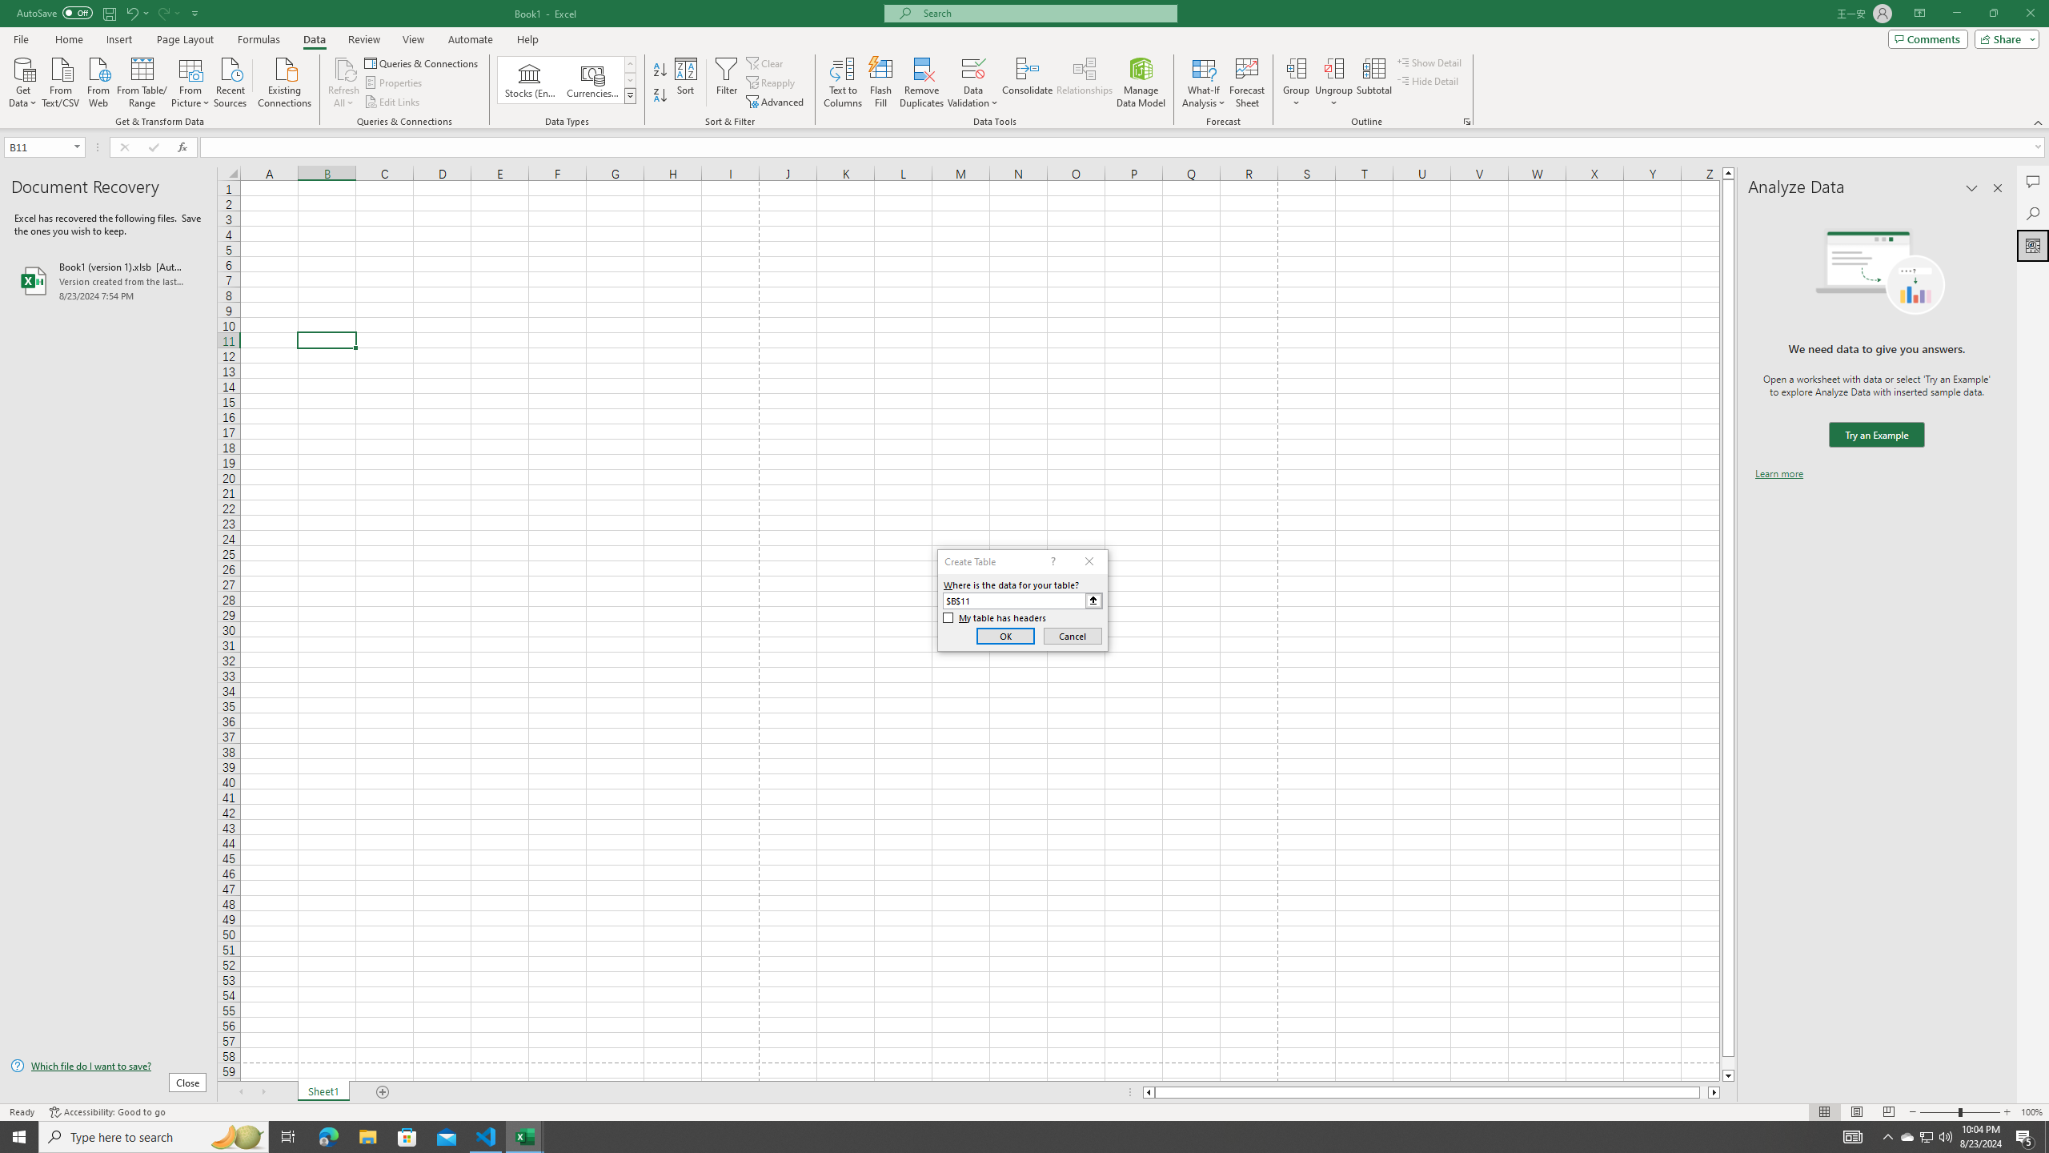  Describe the element at coordinates (842, 82) in the screenshot. I see `'Text to Columns...'` at that location.